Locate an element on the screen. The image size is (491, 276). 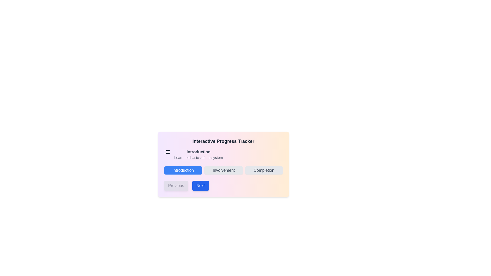
the 'Completion' button, which is the third button in a horizontal alignment, featuring a light gray background and dark gray text is located at coordinates (264, 170).